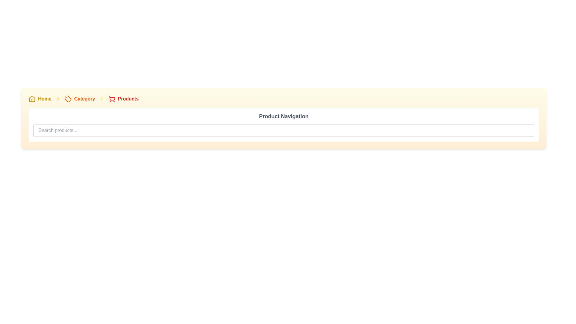  I want to click on text 'Category' from the breadcrumb navigation bar, which is styled in orange and bold, located between a tag icon and the 'Products' breadcrumb item, so click(84, 99).